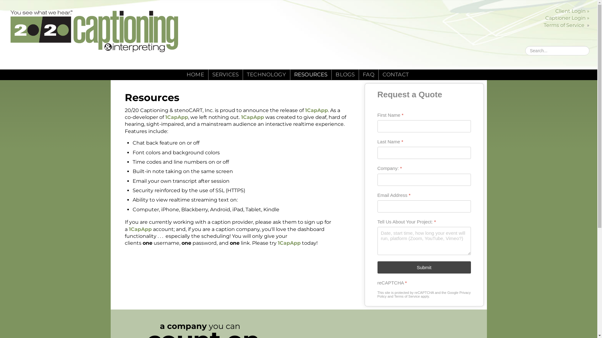  I want to click on 'CONTACT', so click(395, 74).